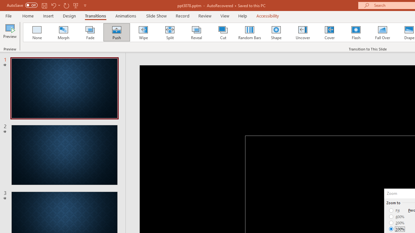 The height and width of the screenshot is (233, 415). I want to click on 'Fit', so click(394, 210).